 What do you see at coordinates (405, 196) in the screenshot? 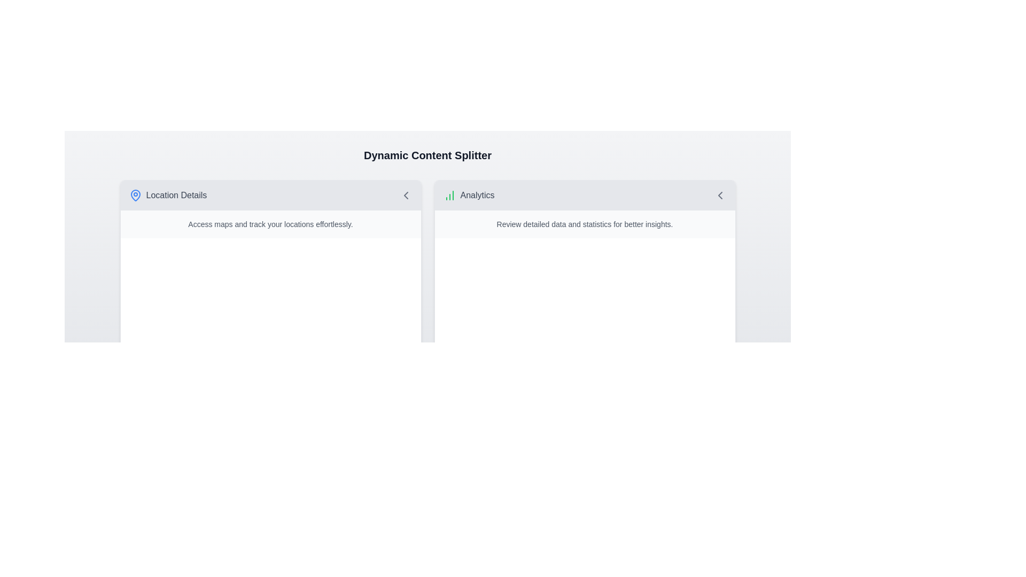
I see `the chevron icon located on the far right of the 'Location Details' section` at bounding box center [405, 196].